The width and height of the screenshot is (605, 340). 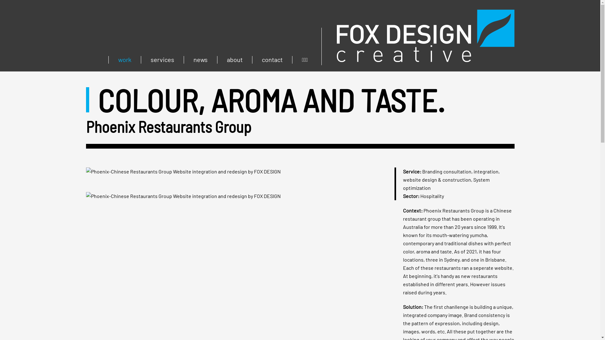 I want to click on 'news', so click(x=183, y=59).